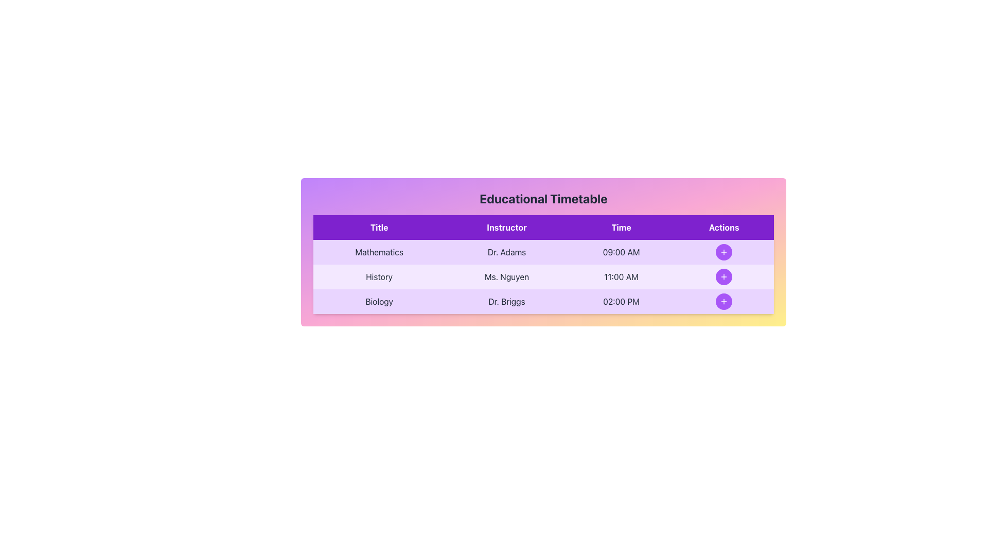  What do you see at coordinates (506, 252) in the screenshot?
I see `text label displaying the instructor's name for the 'Mathematics' class, located in the 'Instructor' column of the timetable` at bounding box center [506, 252].